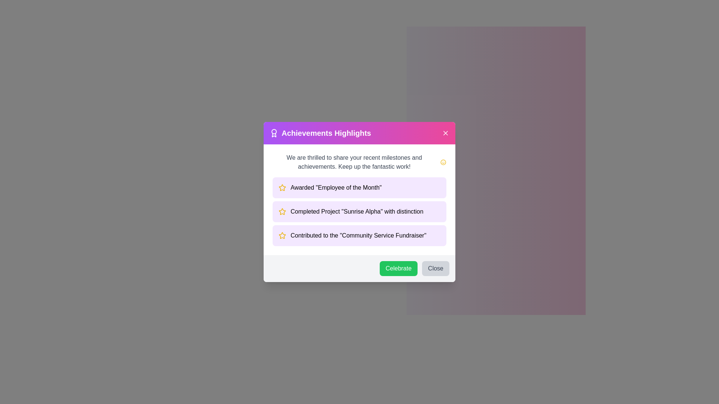 This screenshot has width=719, height=404. I want to click on the modal title by interacting with the Header bar that displays 'Achievements Highlights' with an award icon on the left and a close icon on the right, so click(359, 132).